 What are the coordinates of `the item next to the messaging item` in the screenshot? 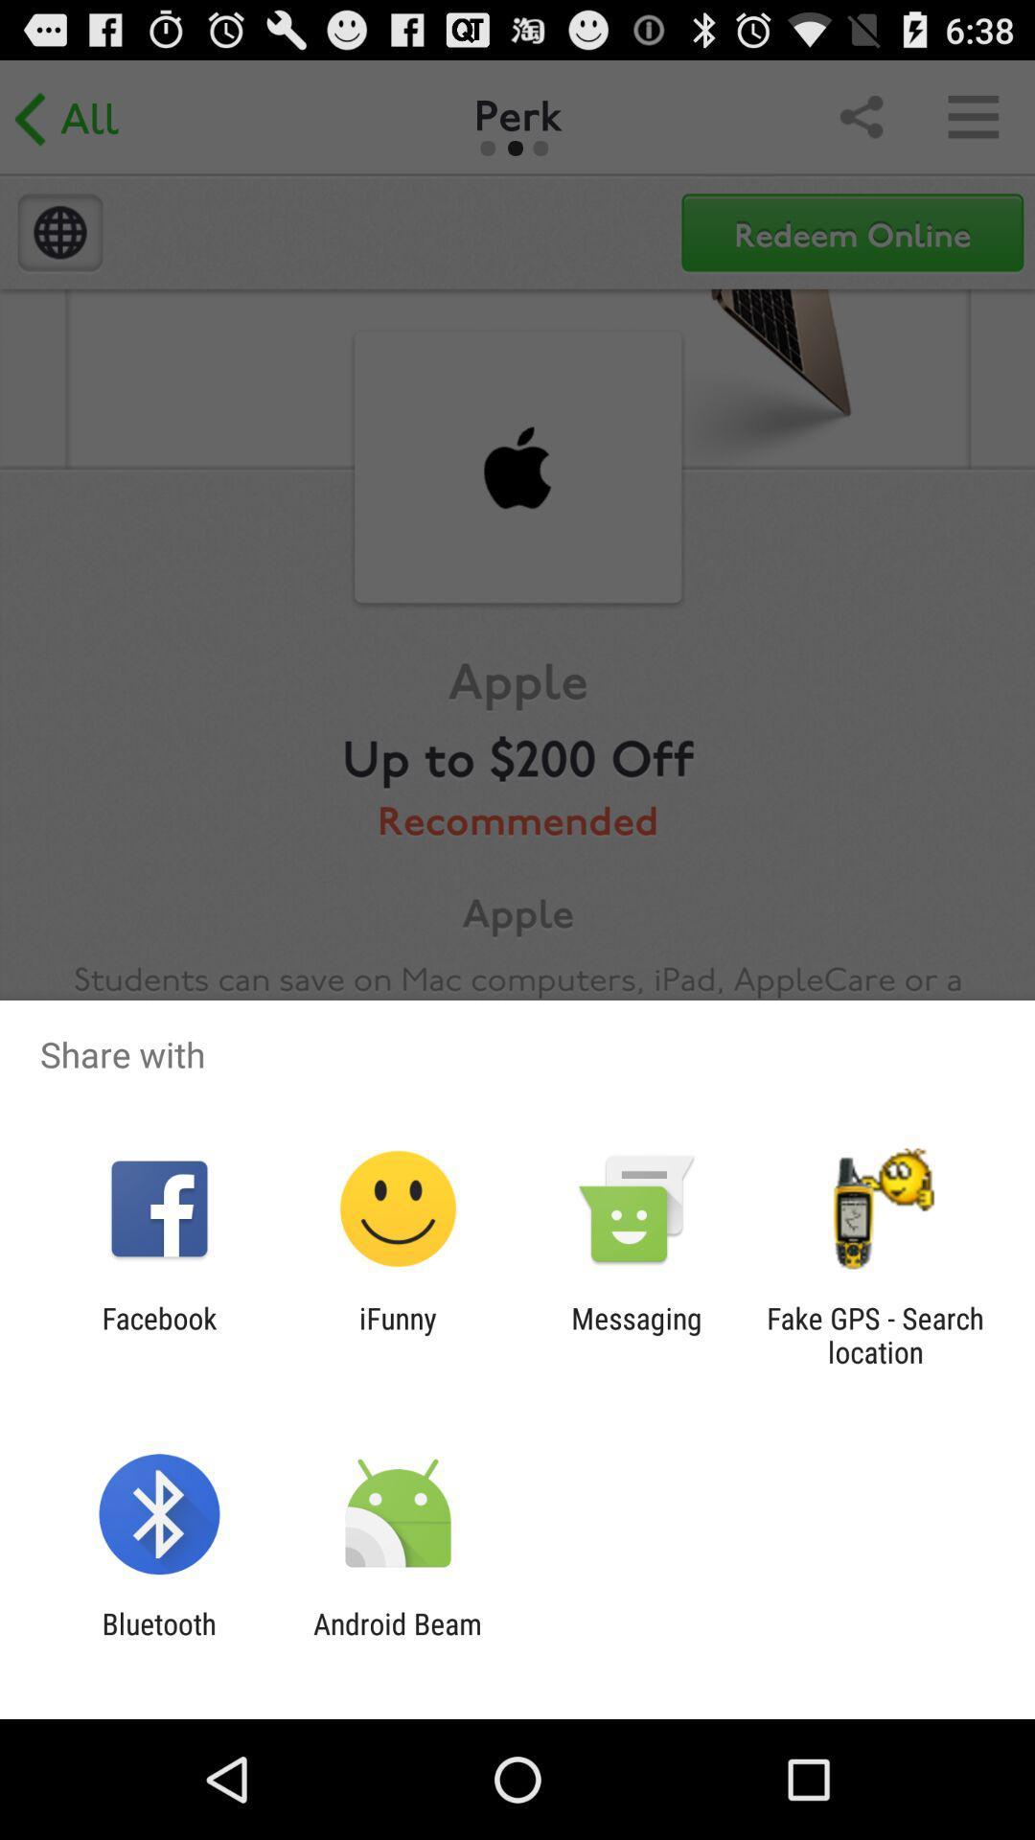 It's located at (875, 1334).